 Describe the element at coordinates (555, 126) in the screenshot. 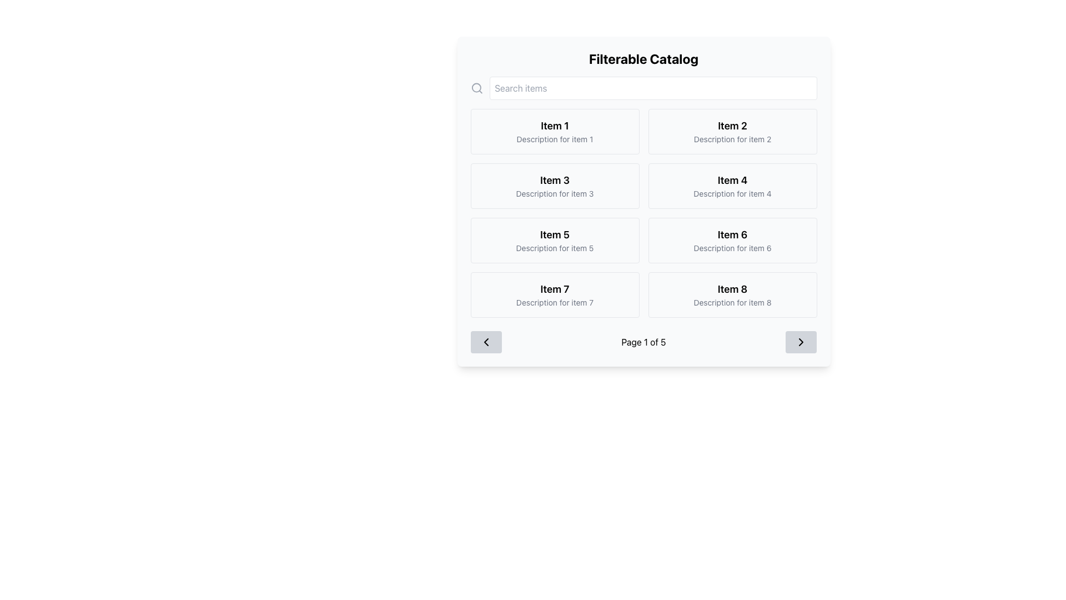

I see `the text element displaying 'Item 1' which is styled in bold and located in the top-left corner of the first item card in the catalog layout` at that location.